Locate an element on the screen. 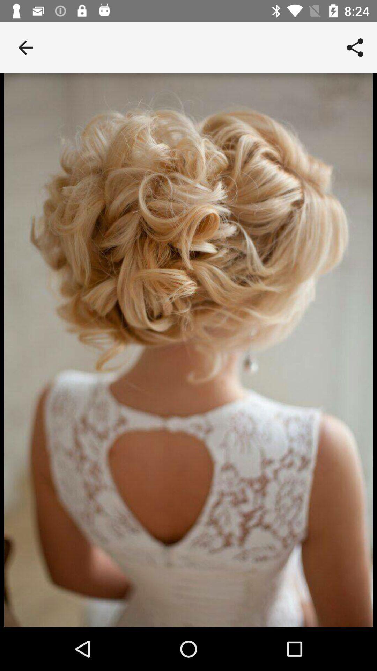 The height and width of the screenshot is (671, 377). icon at the top left corner is located at coordinates (25, 47).